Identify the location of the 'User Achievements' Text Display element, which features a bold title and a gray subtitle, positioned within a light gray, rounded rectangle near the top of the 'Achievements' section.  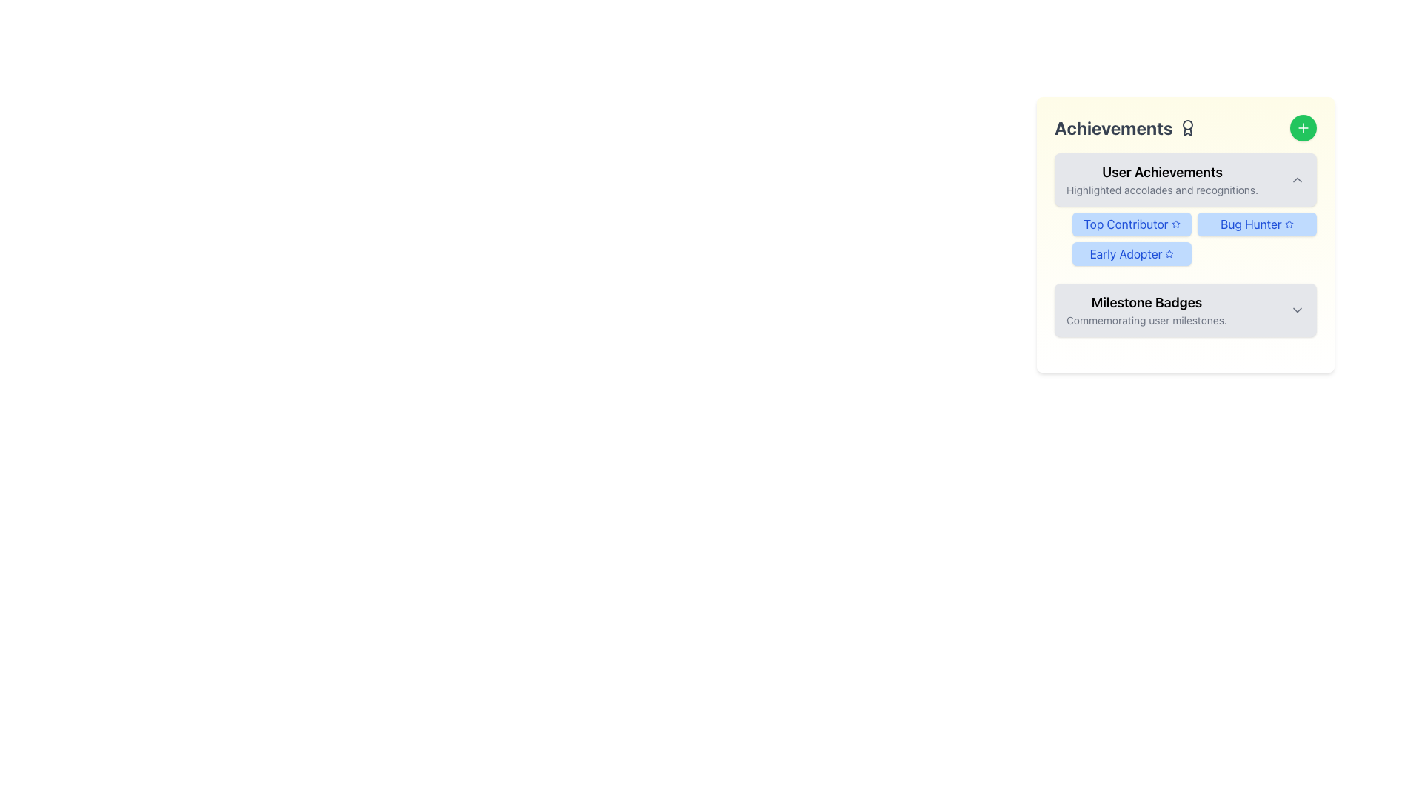
(1161, 179).